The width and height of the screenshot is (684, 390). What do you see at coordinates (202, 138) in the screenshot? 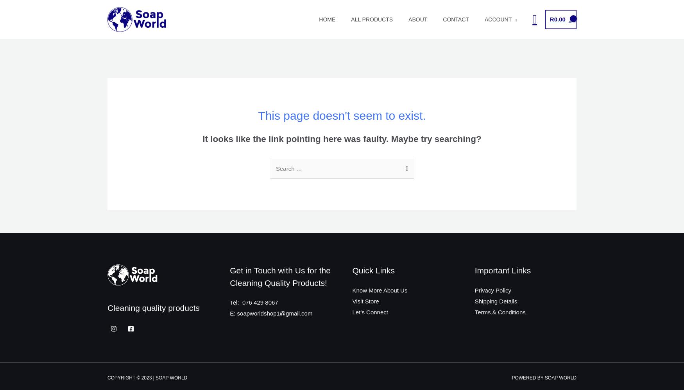
I see `'It looks like the link pointing here was faulty. Maybe try searching?'` at bounding box center [202, 138].